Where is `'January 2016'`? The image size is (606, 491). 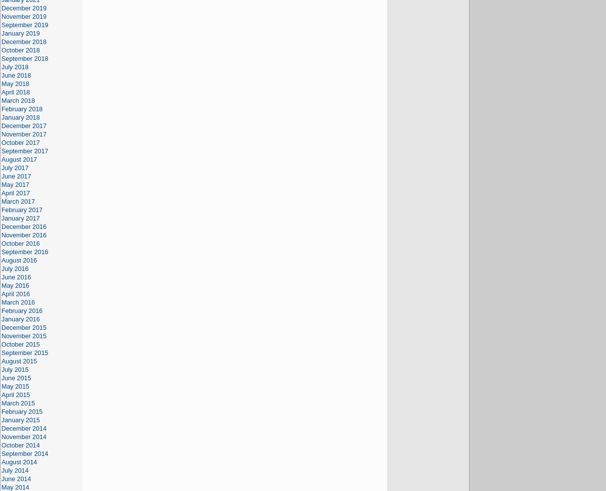 'January 2016' is located at coordinates (20, 318).